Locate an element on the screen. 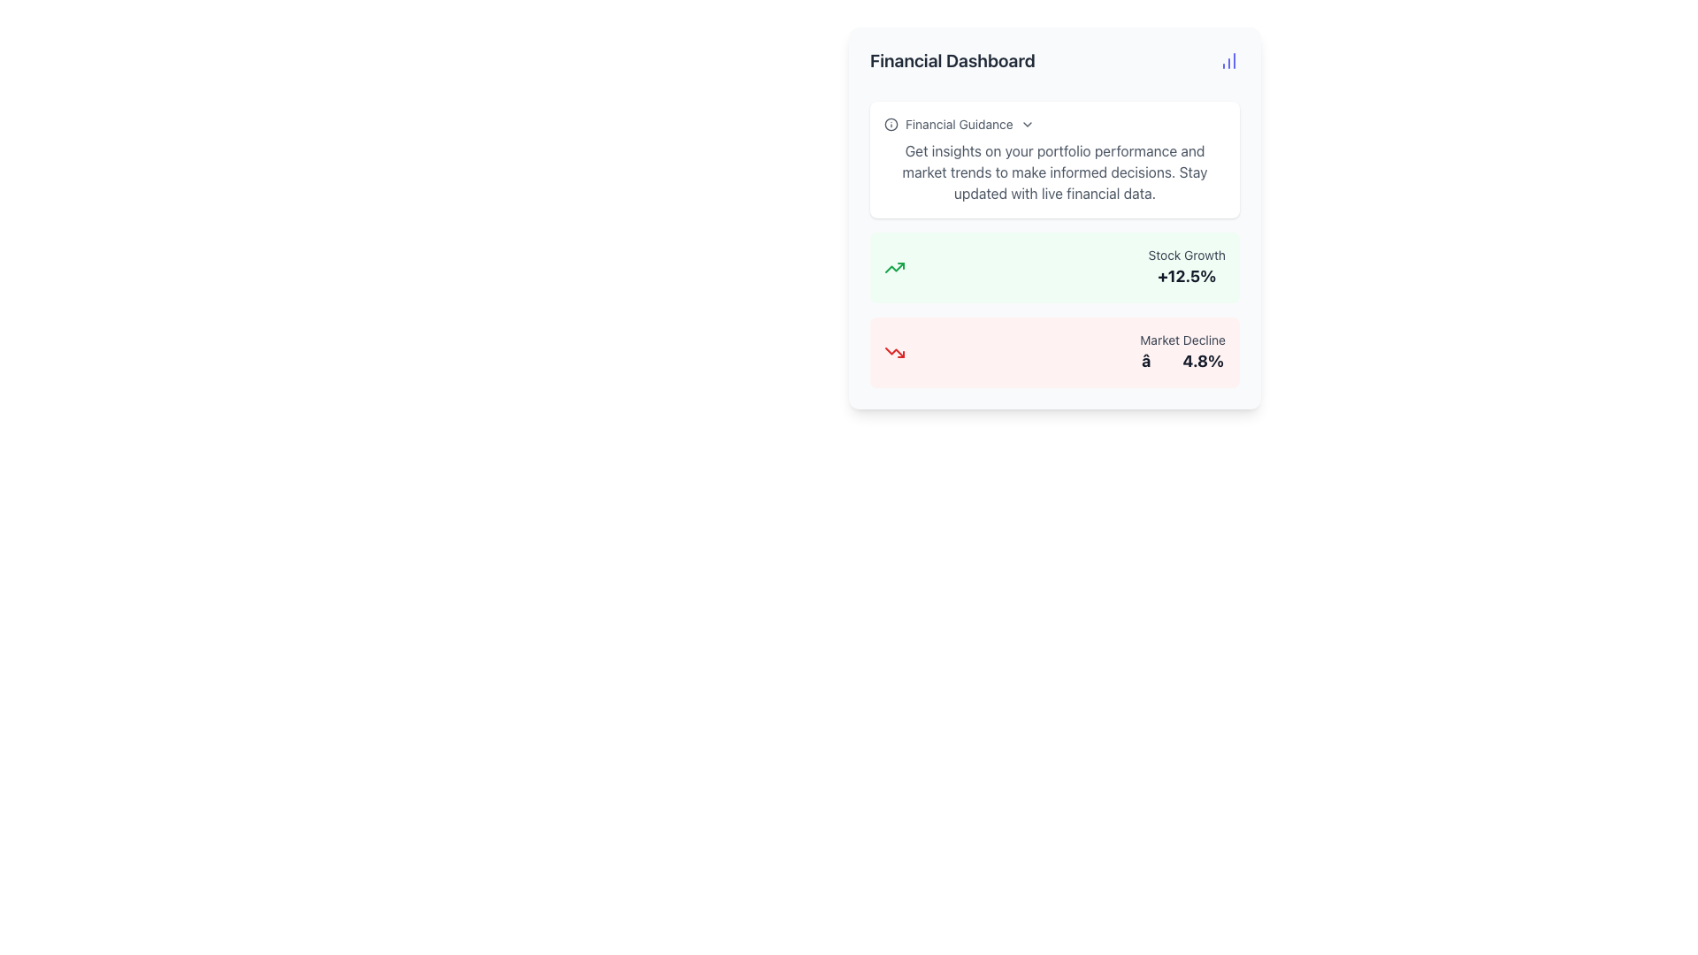 This screenshot has width=1698, height=955. the red arrow icon indicating a negative trend located in the 'Market Decline' area, positioned to the left of the percentage value is located at coordinates (895, 352).